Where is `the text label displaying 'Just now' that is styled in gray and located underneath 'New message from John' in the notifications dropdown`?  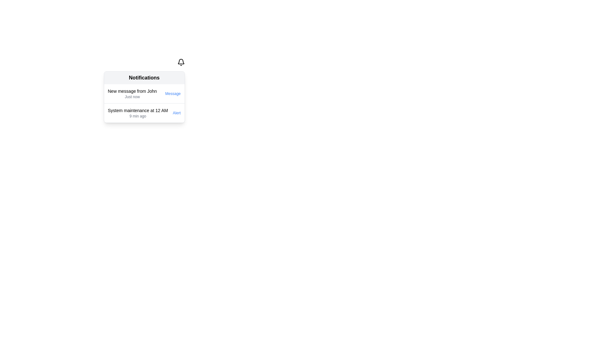
the text label displaying 'Just now' that is styled in gray and located underneath 'New message from John' in the notifications dropdown is located at coordinates (132, 97).